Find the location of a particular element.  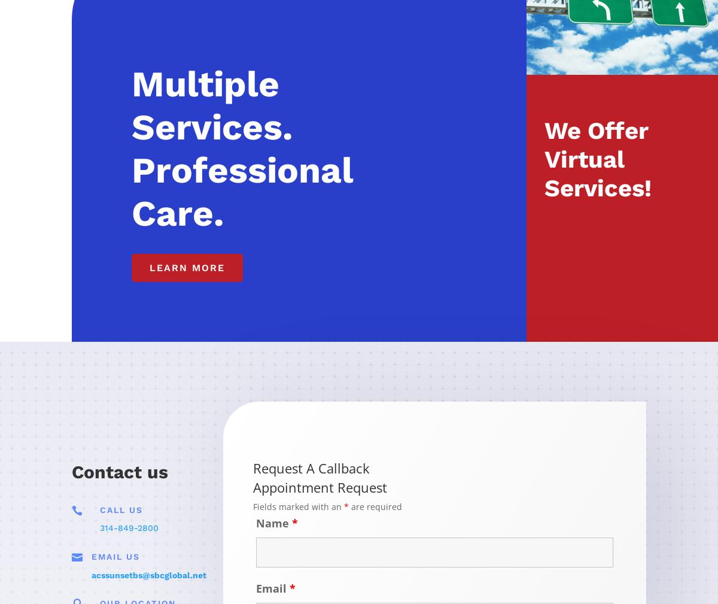

'Fields marked with an' is located at coordinates (297, 506).